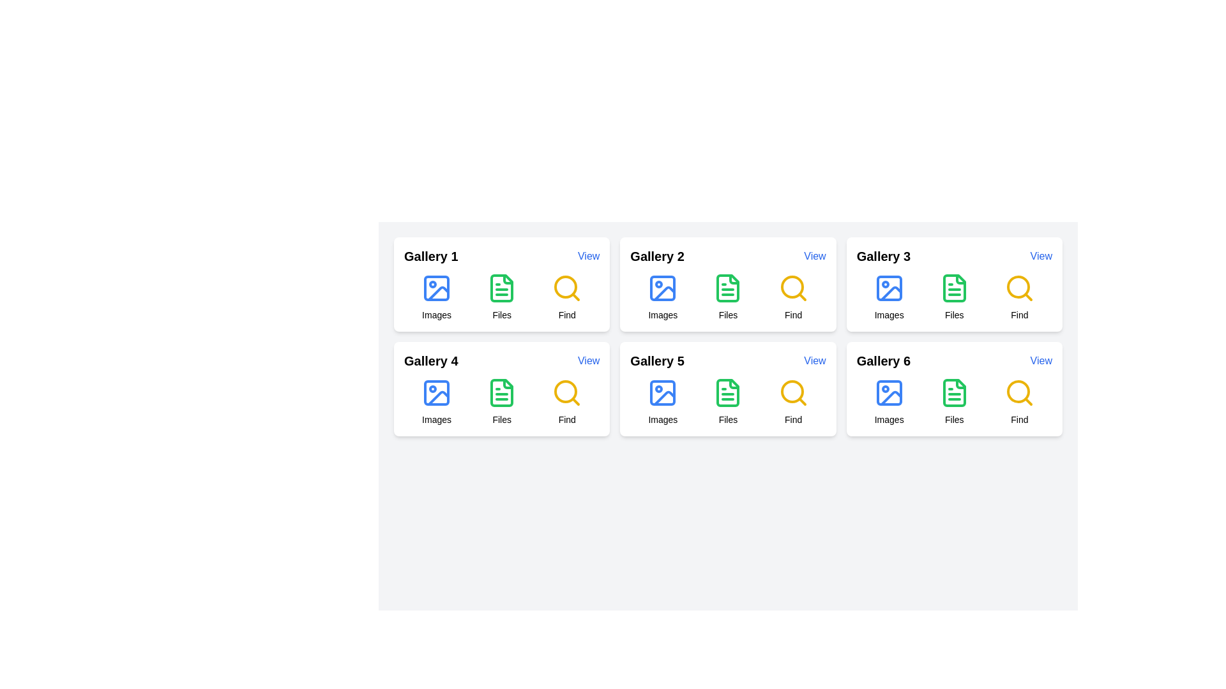 The width and height of the screenshot is (1226, 689). I want to click on the 'Images' text label located in the bottom-left corner of the fourth gallery card titled 'Gallery 4' in the second row of the grid layout, so click(437, 420).